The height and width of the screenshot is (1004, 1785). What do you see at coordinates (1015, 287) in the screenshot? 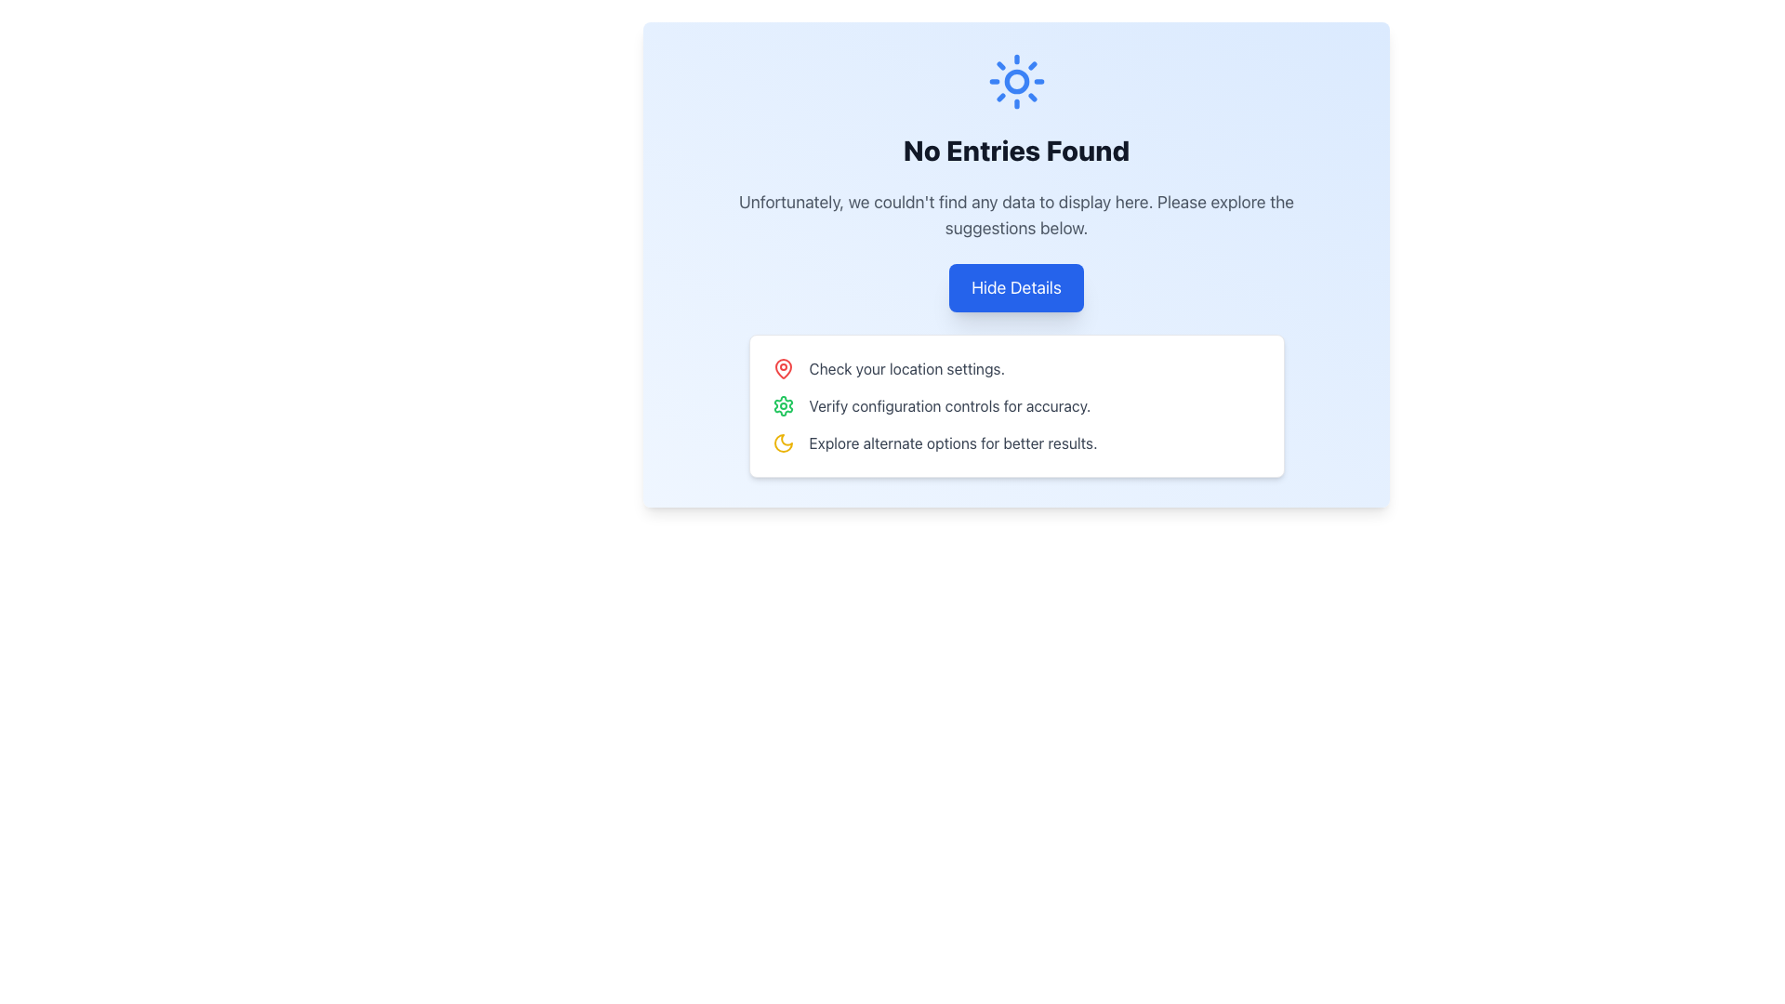
I see `the rectangular button with a blue background and white text that reads 'Hide Details'` at bounding box center [1015, 287].